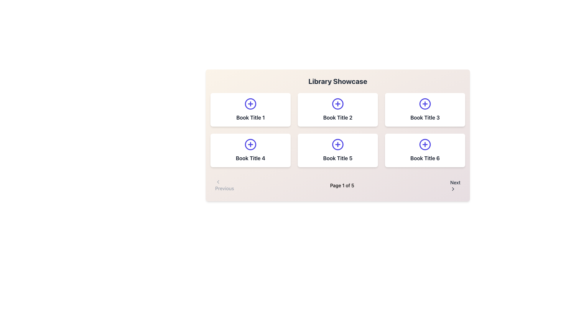 The width and height of the screenshot is (566, 318). Describe the element at coordinates (425, 158) in the screenshot. I see `text from the Text label that serves as the title for the associated book entry, located at the bottom right corner of the grid layout inside a white rectangular card with rounded edges` at that location.